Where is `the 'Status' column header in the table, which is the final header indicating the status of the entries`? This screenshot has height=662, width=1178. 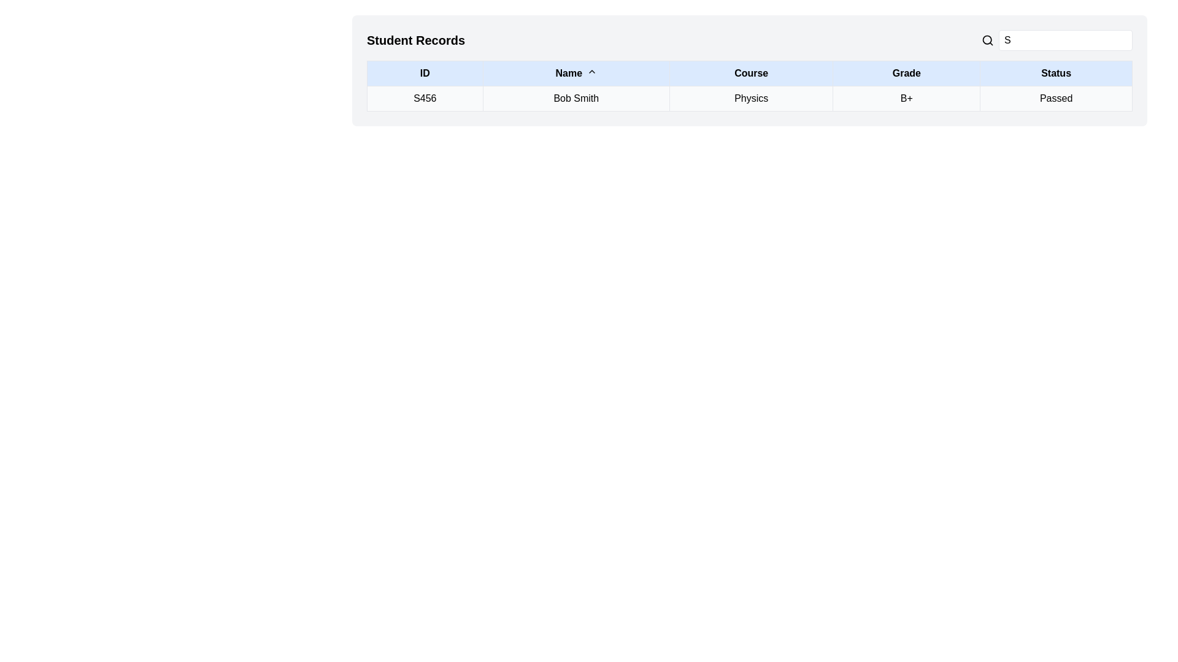 the 'Status' column header in the table, which is the final header indicating the status of the entries is located at coordinates (1055, 73).